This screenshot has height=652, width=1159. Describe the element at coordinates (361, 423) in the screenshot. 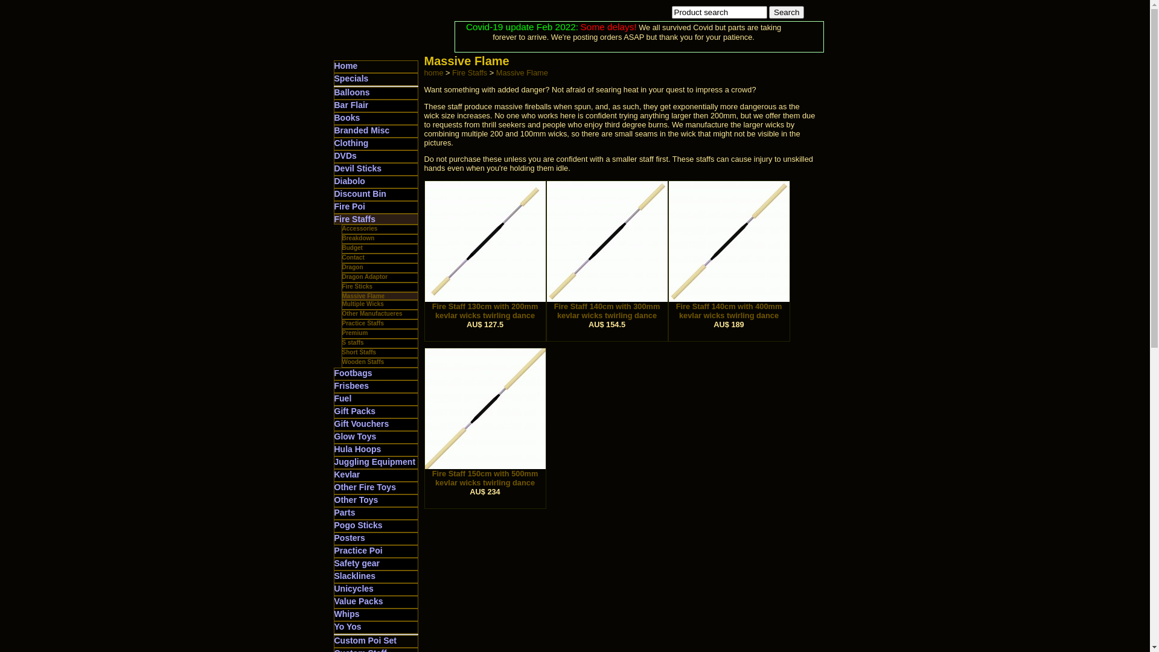

I see `'Gift Vouchers'` at that location.